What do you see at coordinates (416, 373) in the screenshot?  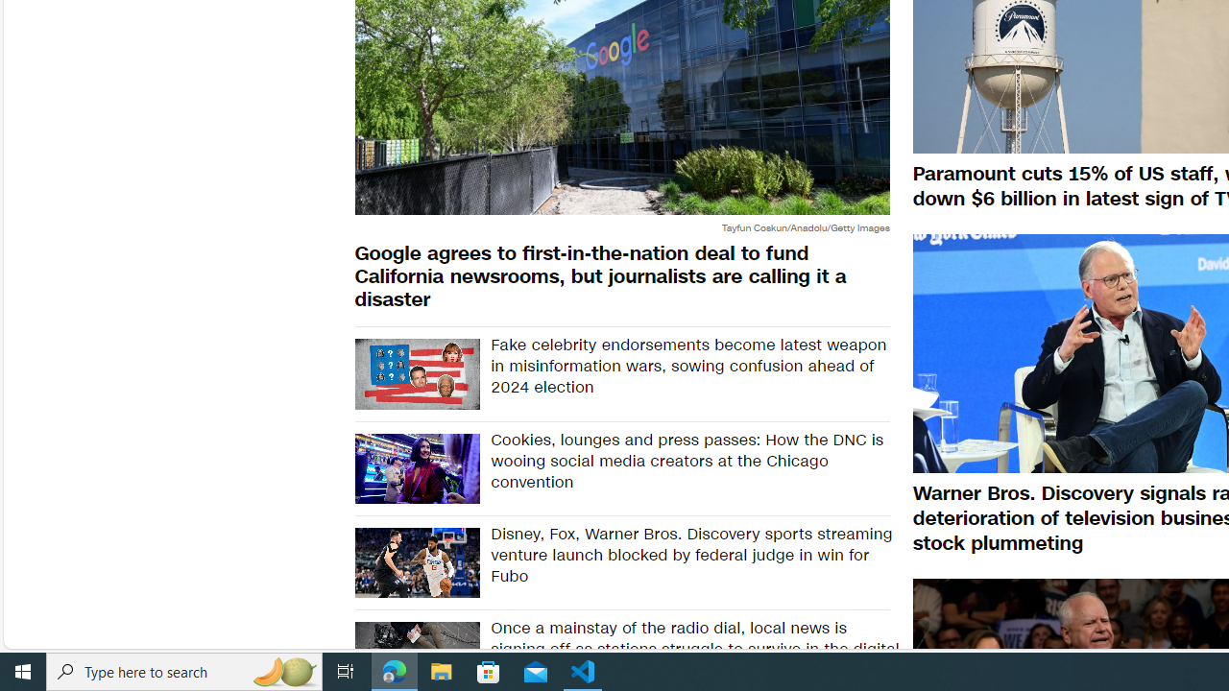 I see `'V6.jpg'` at bounding box center [416, 373].